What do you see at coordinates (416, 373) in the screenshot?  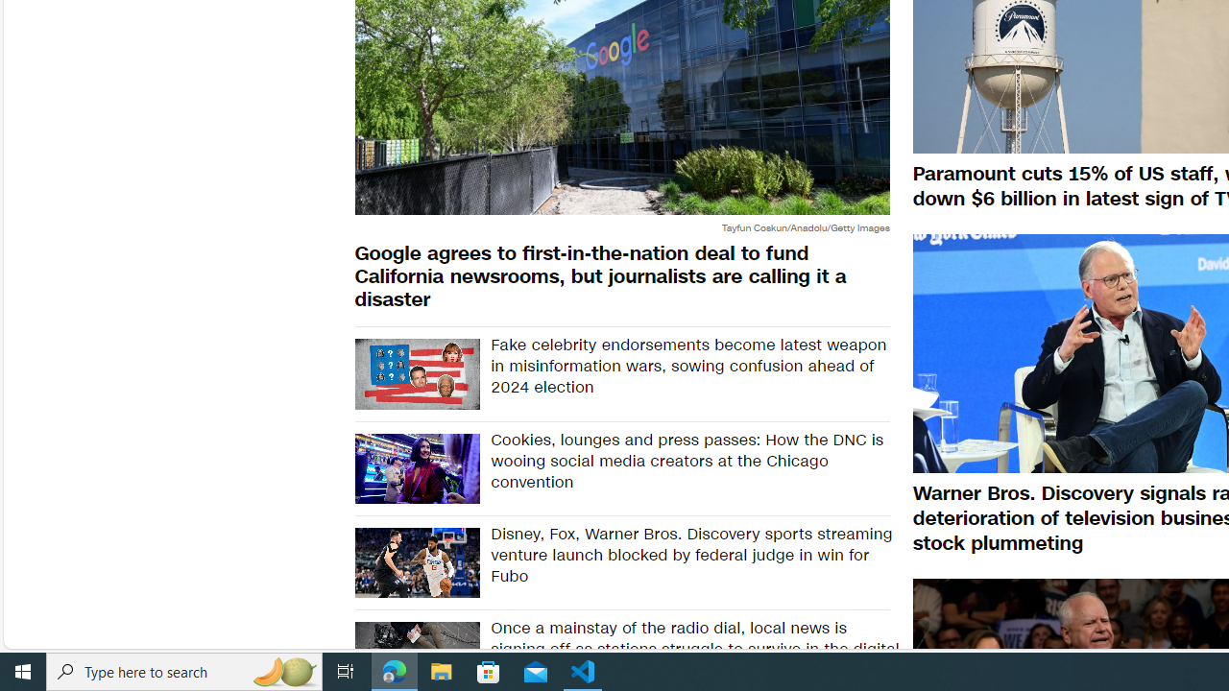 I see `'V6.jpg'` at bounding box center [416, 373].